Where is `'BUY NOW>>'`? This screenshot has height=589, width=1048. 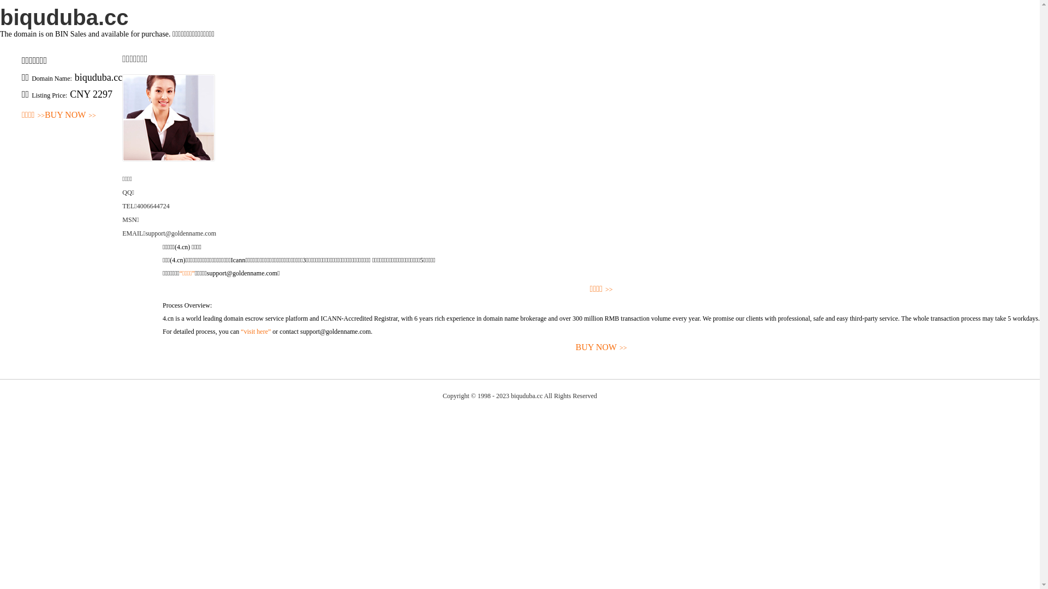
'BUY NOW>>' is located at coordinates (44, 115).